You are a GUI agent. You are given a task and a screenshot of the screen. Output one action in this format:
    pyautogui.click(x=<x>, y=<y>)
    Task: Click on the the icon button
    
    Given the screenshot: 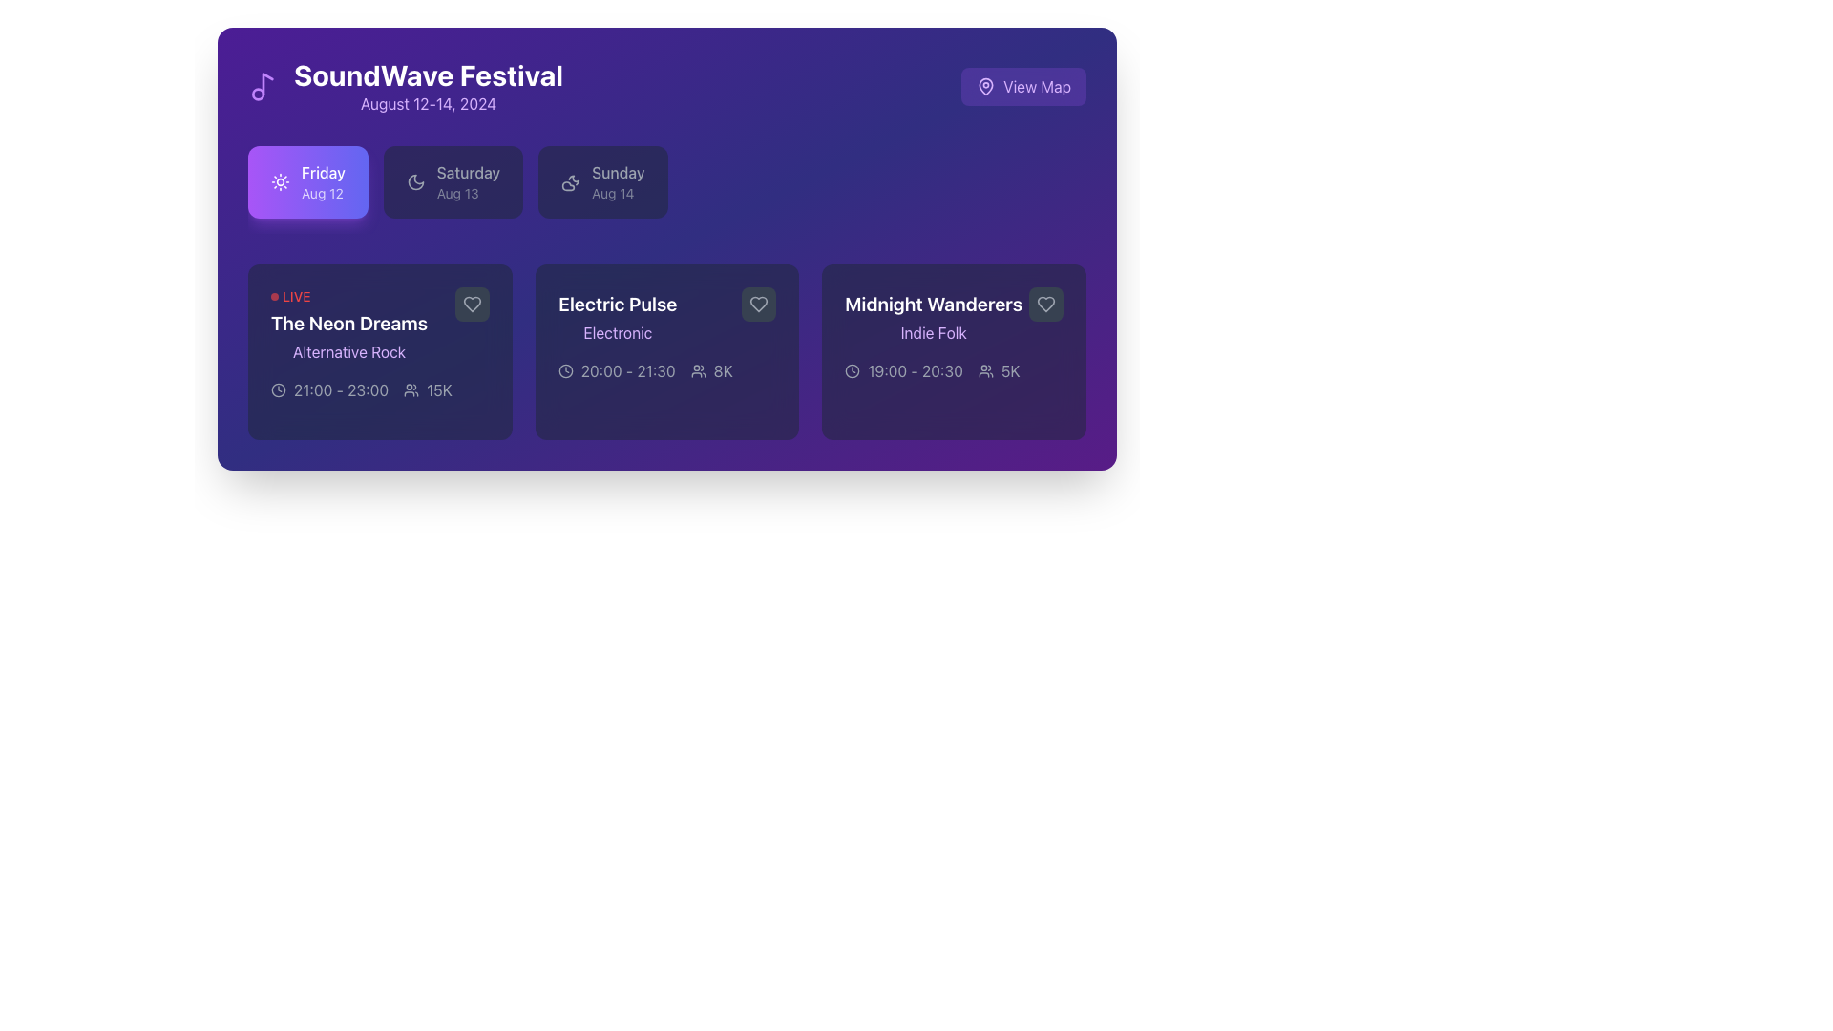 What is the action you would take?
    pyautogui.click(x=1044, y=304)
    